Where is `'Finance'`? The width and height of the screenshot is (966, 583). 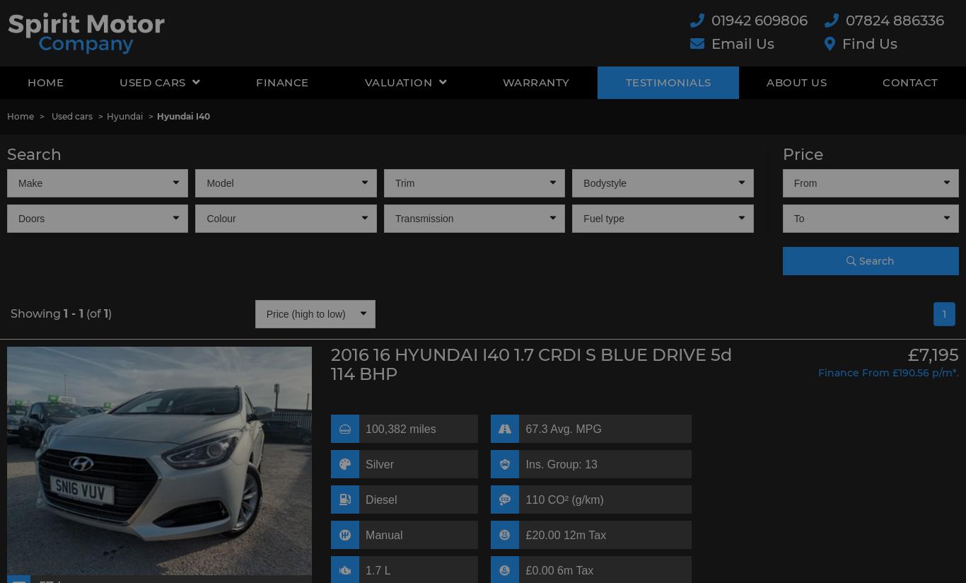 'Finance' is located at coordinates (255, 82).